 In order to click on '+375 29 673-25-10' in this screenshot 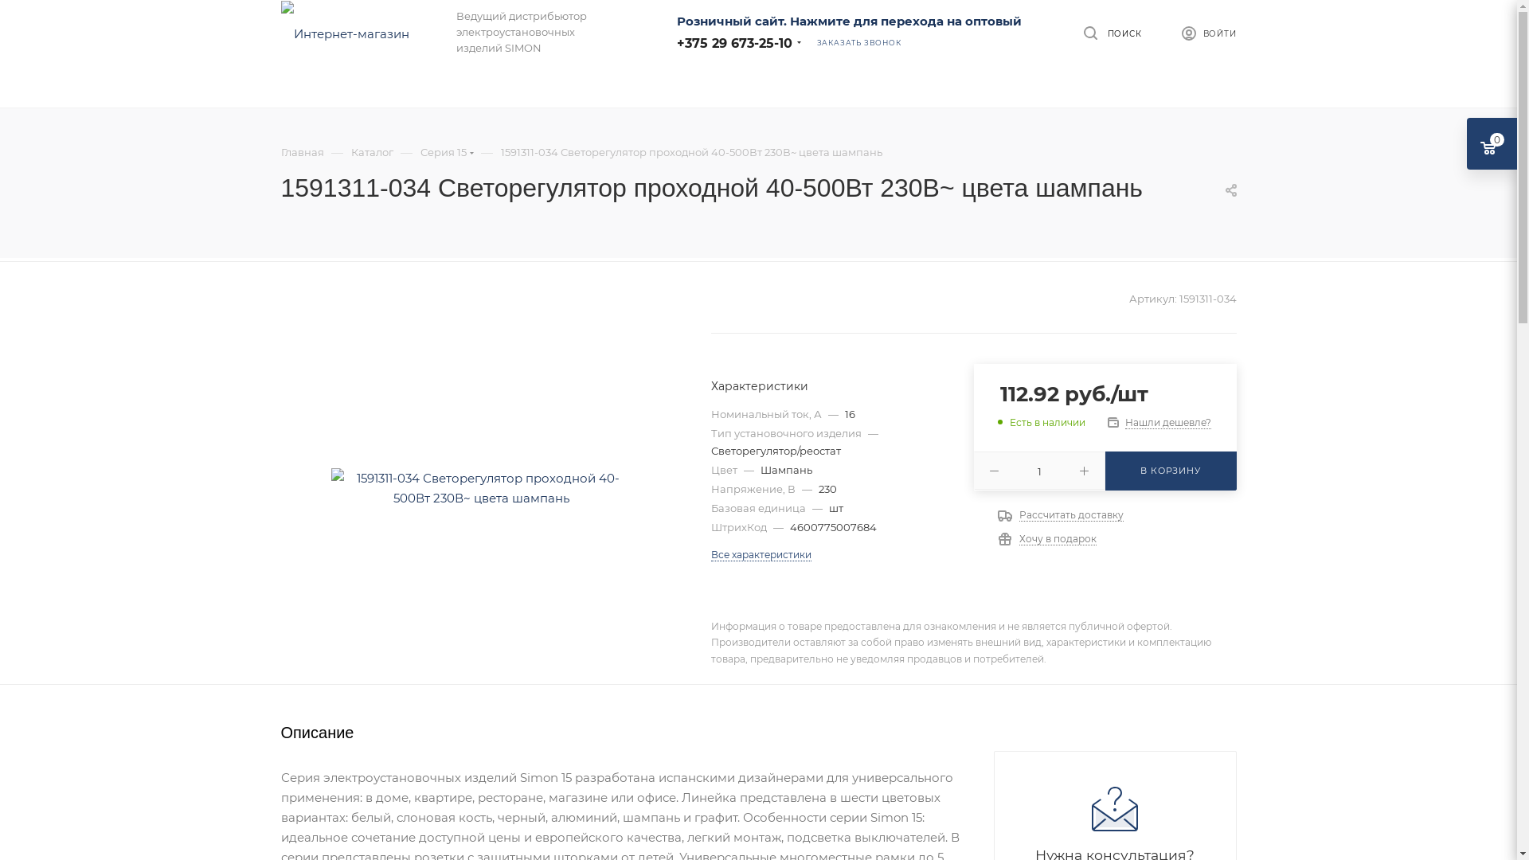, I will do `click(733, 41)`.